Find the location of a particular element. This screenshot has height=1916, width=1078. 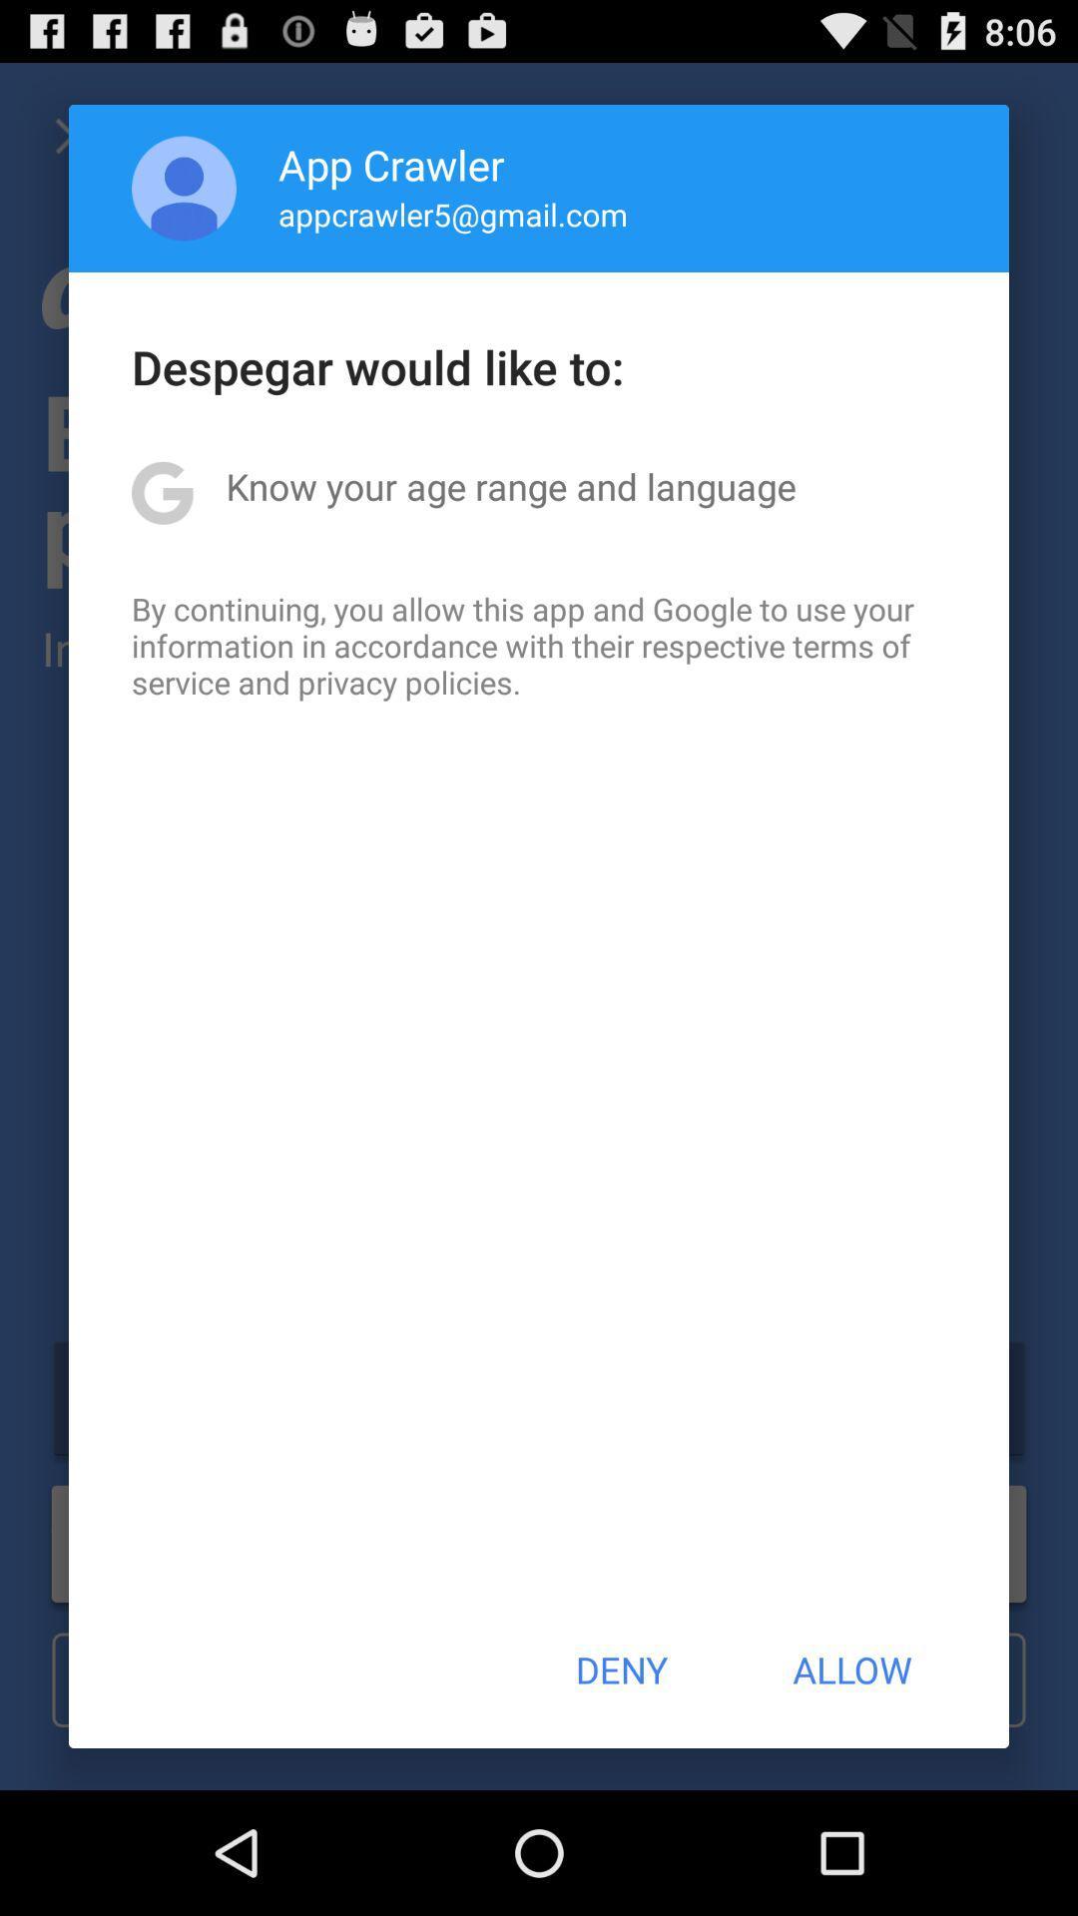

the app above appcrawler5@gmail.com app is located at coordinates (391, 164).